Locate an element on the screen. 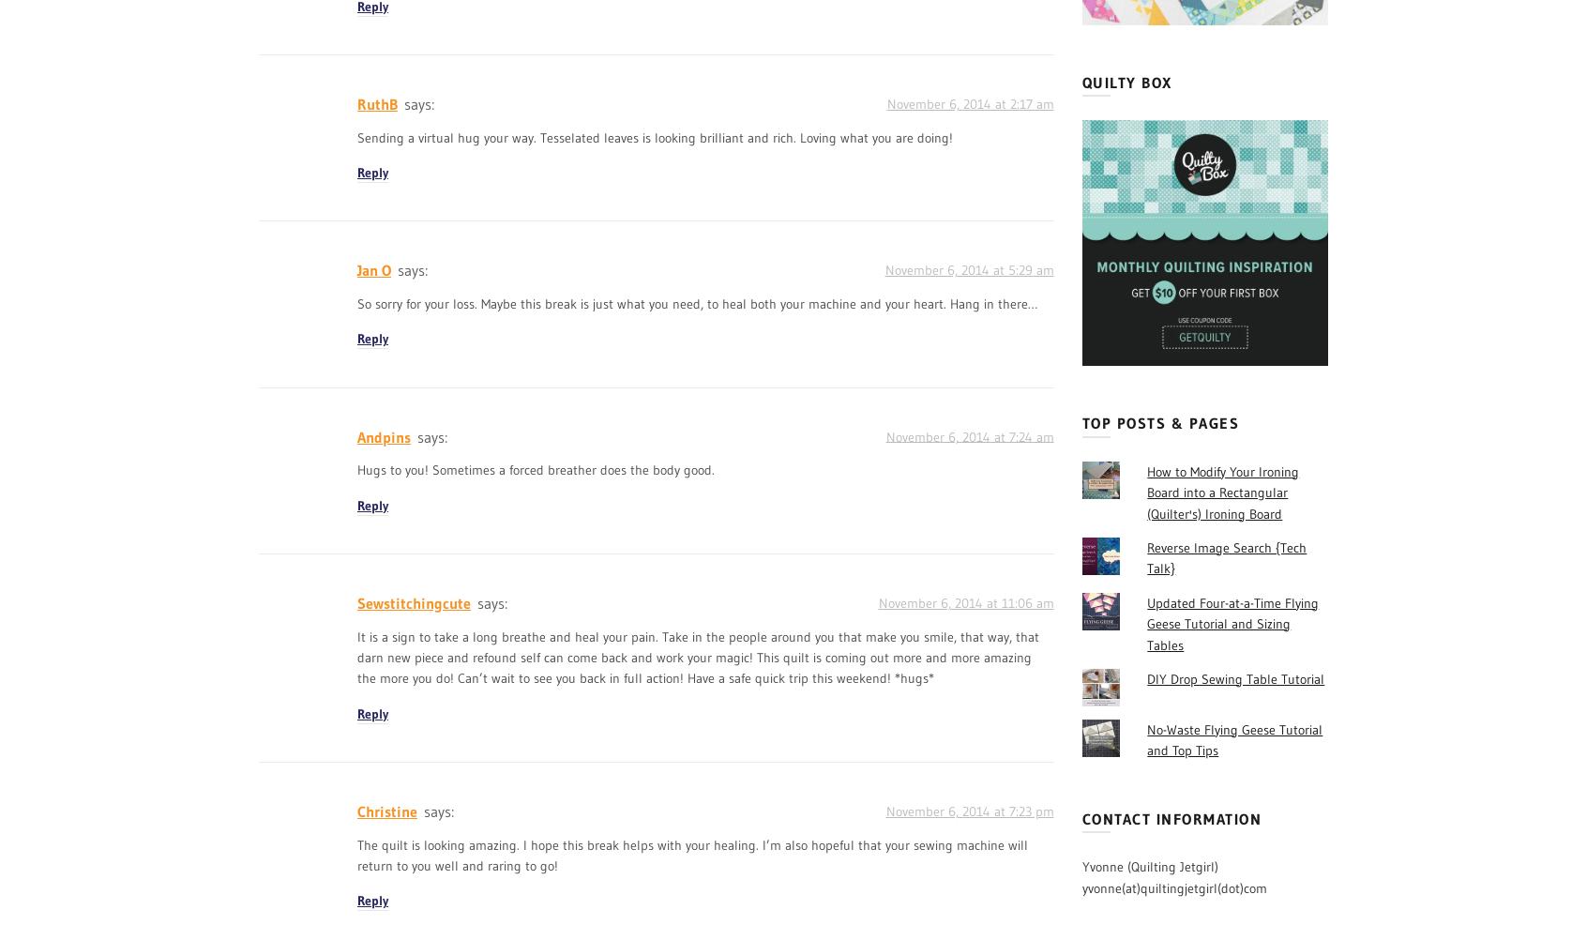 The image size is (1587, 940). 'Christine' is located at coordinates (387, 811).